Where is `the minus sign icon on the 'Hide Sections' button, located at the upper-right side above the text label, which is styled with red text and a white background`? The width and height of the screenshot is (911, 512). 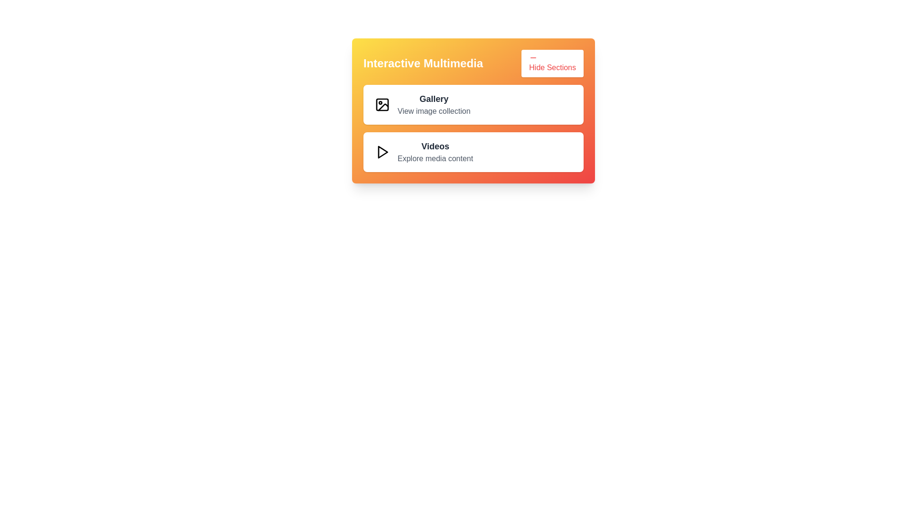 the minus sign icon on the 'Hide Sections' button, located at the upper-right side above the text label, which is styled with red text and a white background is located at coordinates (533, 58).